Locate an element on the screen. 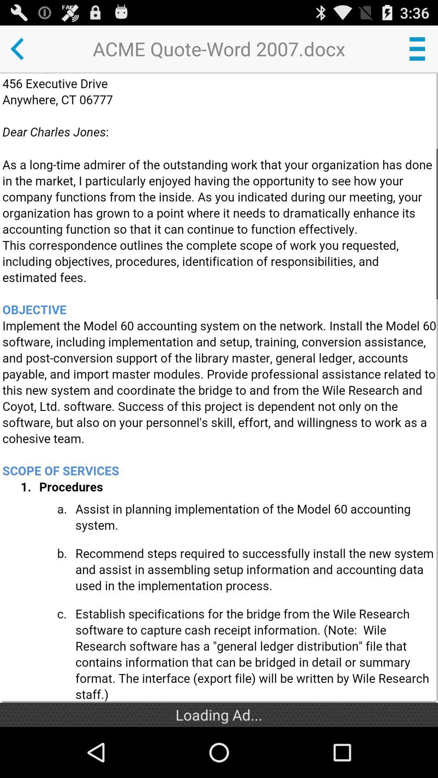 This screenshot has height=778, width=438. a button that will open more options for the document is located at coordinates (417, 48).